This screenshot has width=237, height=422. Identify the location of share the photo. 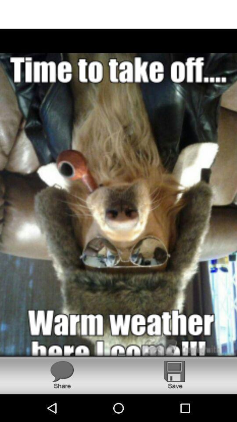
(61, 374).